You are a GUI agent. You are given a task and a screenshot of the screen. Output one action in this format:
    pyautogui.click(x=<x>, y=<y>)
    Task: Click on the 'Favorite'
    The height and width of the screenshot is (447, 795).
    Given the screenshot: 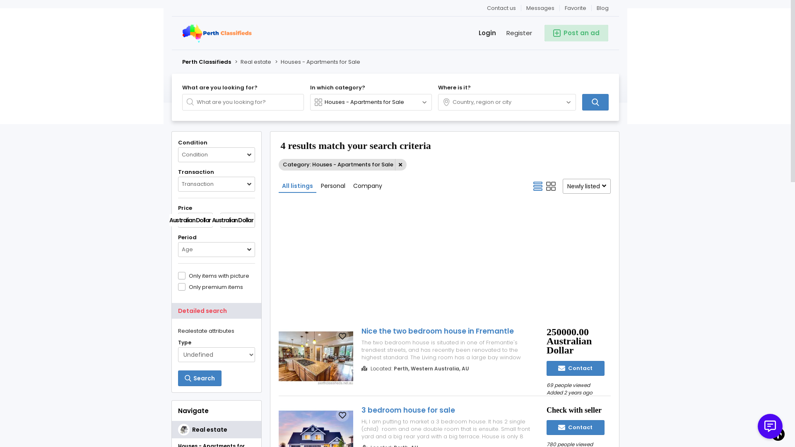 What is the action you would take?
    pyautogui.click(x=575, y=8)
    